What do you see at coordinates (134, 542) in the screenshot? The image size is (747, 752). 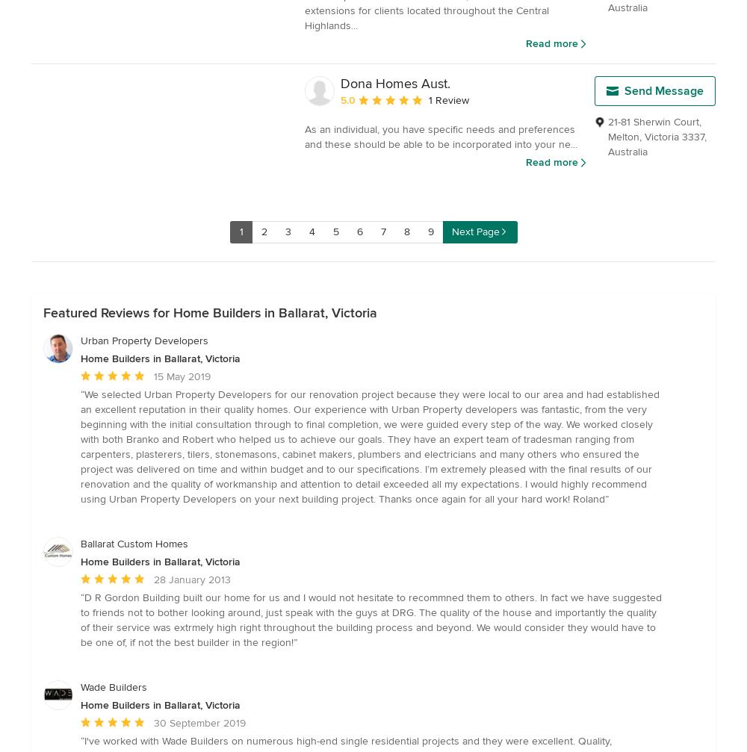 I see `'Ballarat Custom Homes'` at bounding box center [134, 542].